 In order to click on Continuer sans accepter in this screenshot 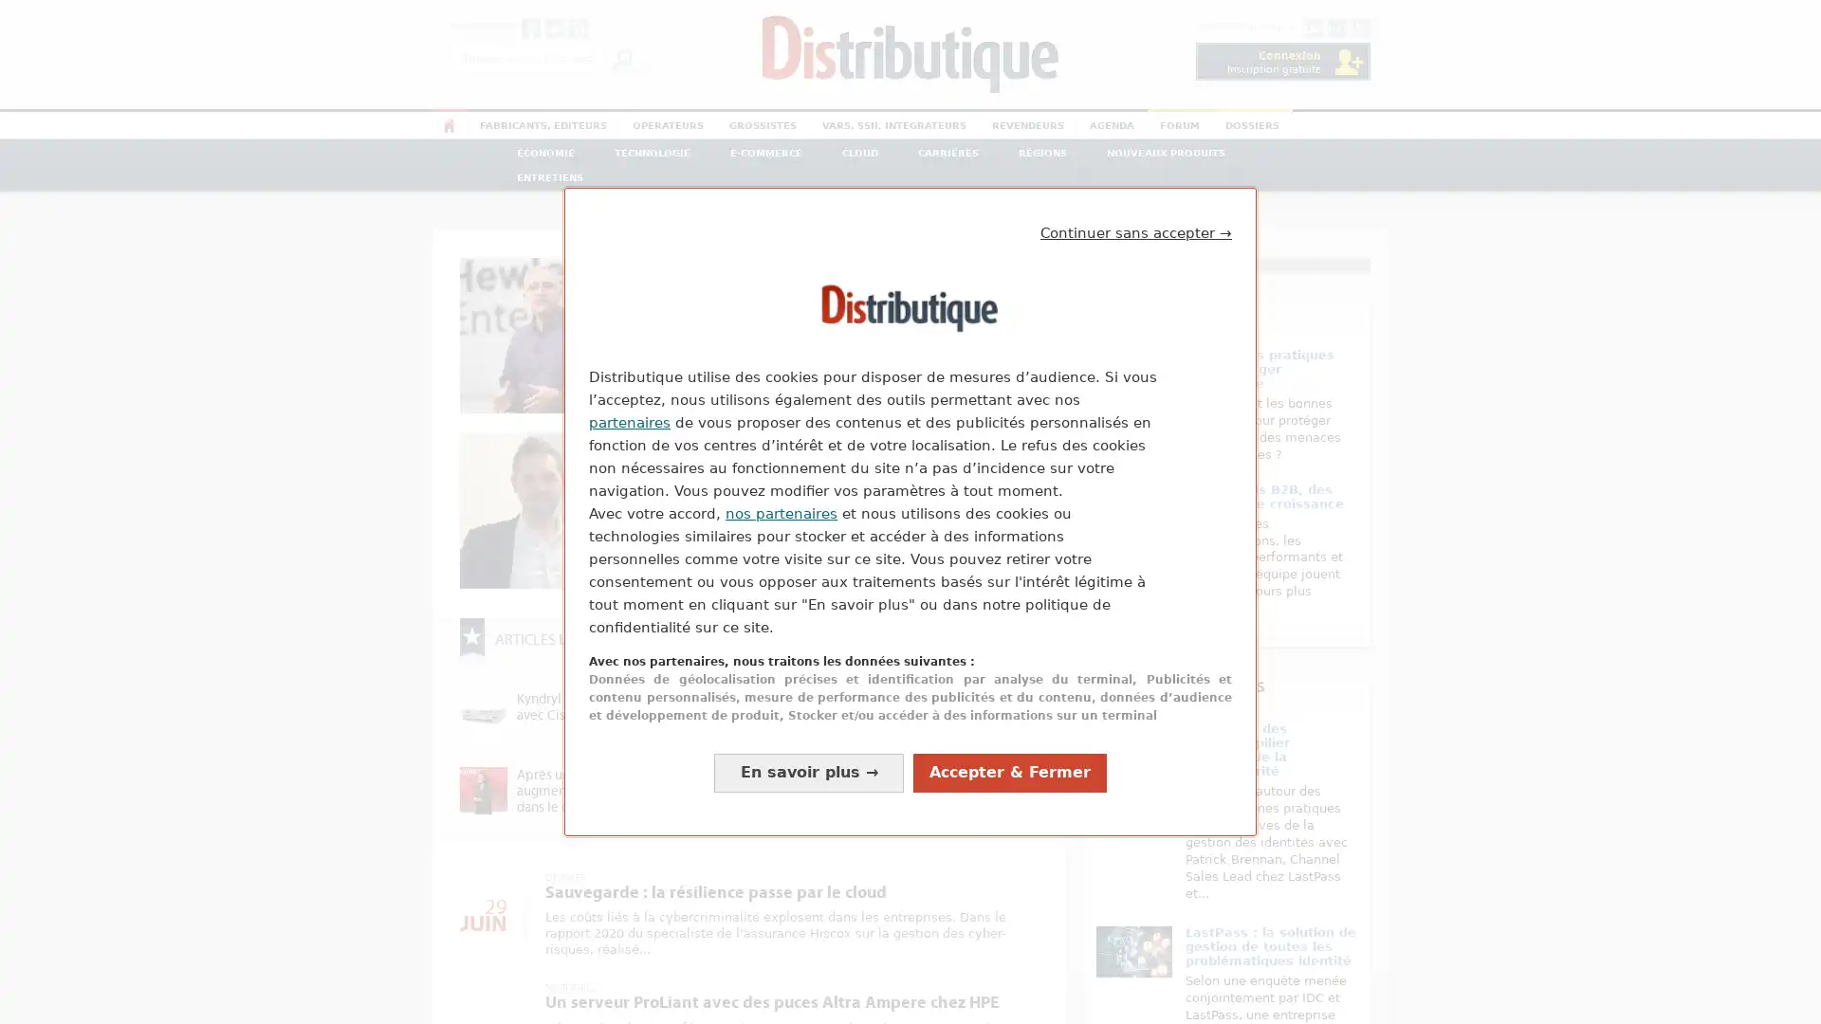, I will do `click(1136, 232)`.